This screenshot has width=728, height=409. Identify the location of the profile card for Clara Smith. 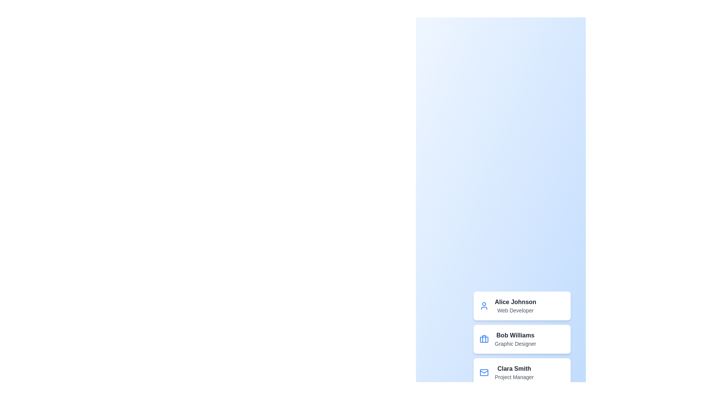
(522, 372).